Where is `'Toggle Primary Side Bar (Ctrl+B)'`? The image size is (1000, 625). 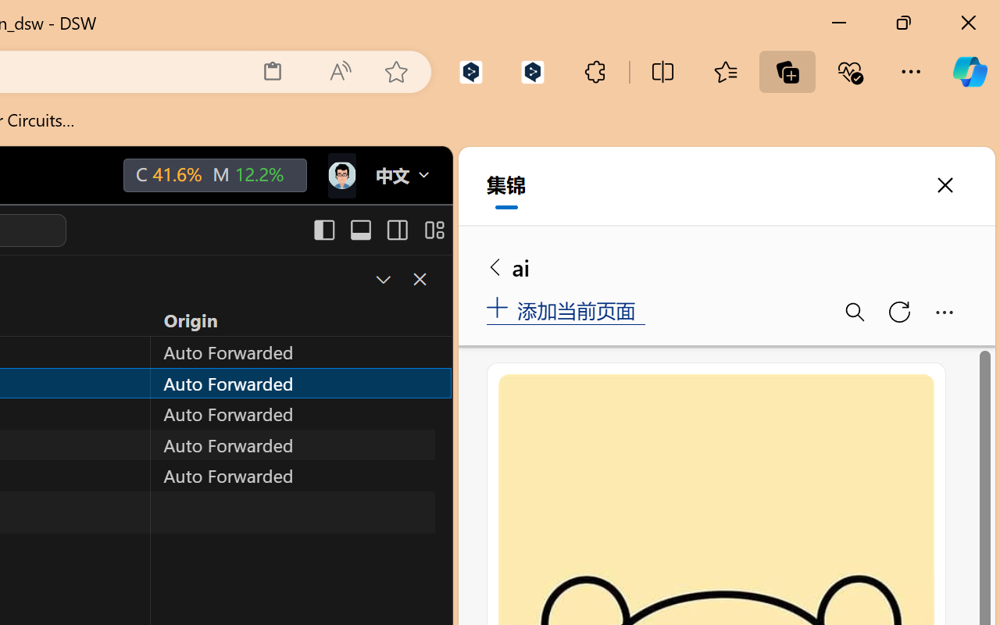 'Toggle Primary Side Bar (Ctrl+B)' is located at coordinates (323, 230).